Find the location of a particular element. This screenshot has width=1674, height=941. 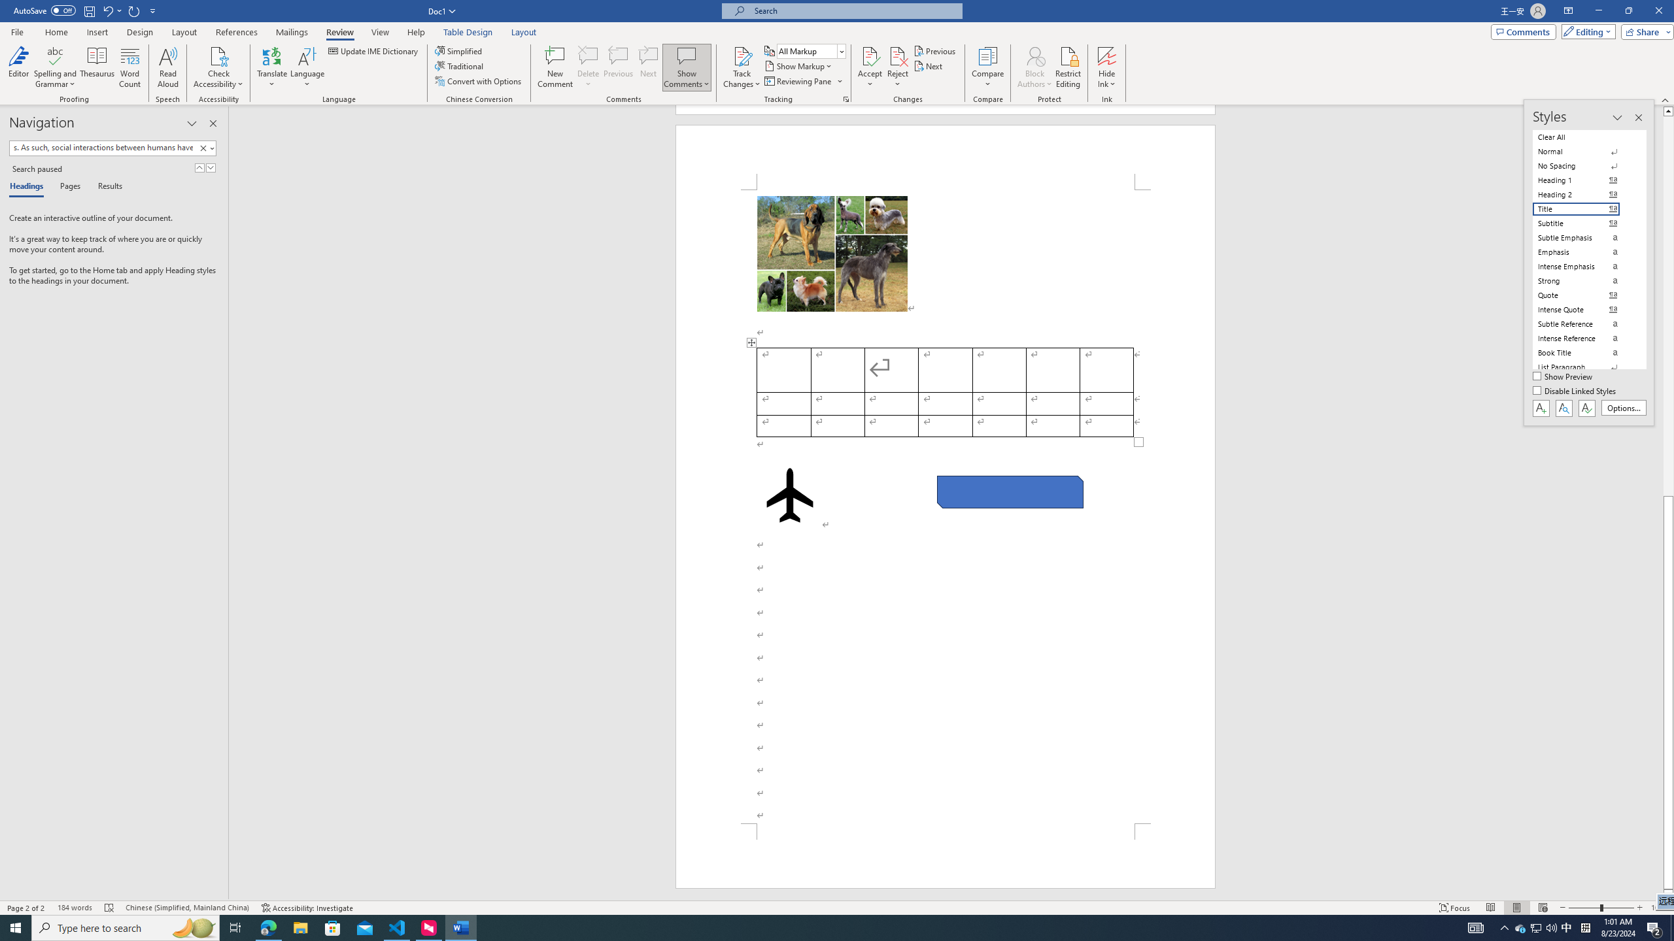

'Task Pane Options' is located at coordinates (192, 123).